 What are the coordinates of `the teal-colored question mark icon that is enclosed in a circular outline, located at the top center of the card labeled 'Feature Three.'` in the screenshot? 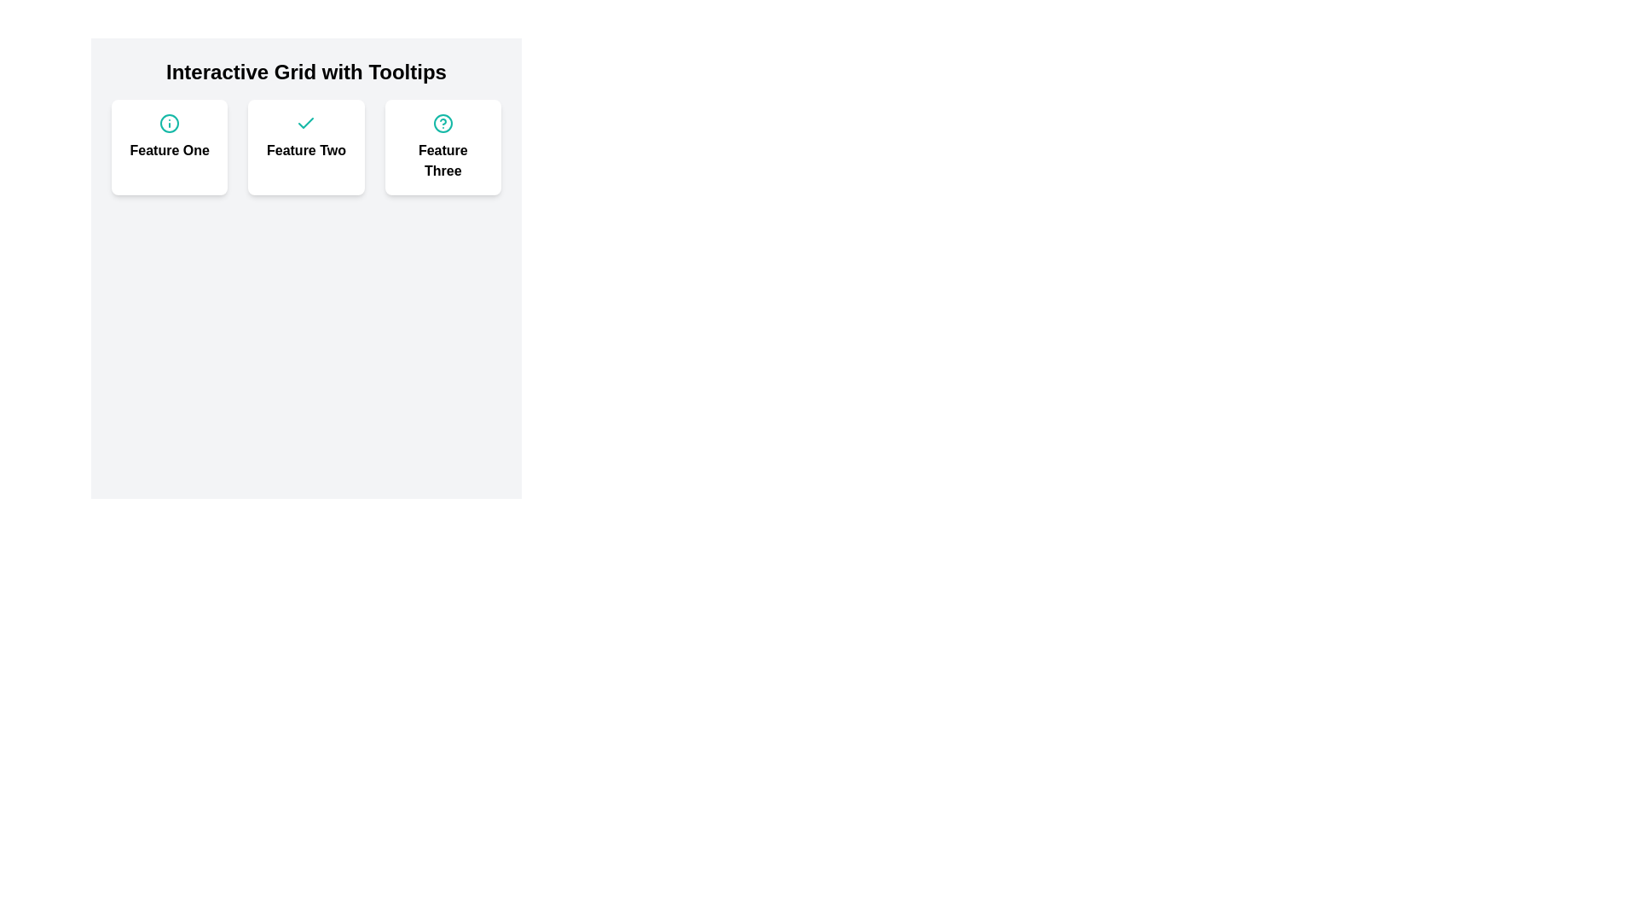 It's located at (443, 123).